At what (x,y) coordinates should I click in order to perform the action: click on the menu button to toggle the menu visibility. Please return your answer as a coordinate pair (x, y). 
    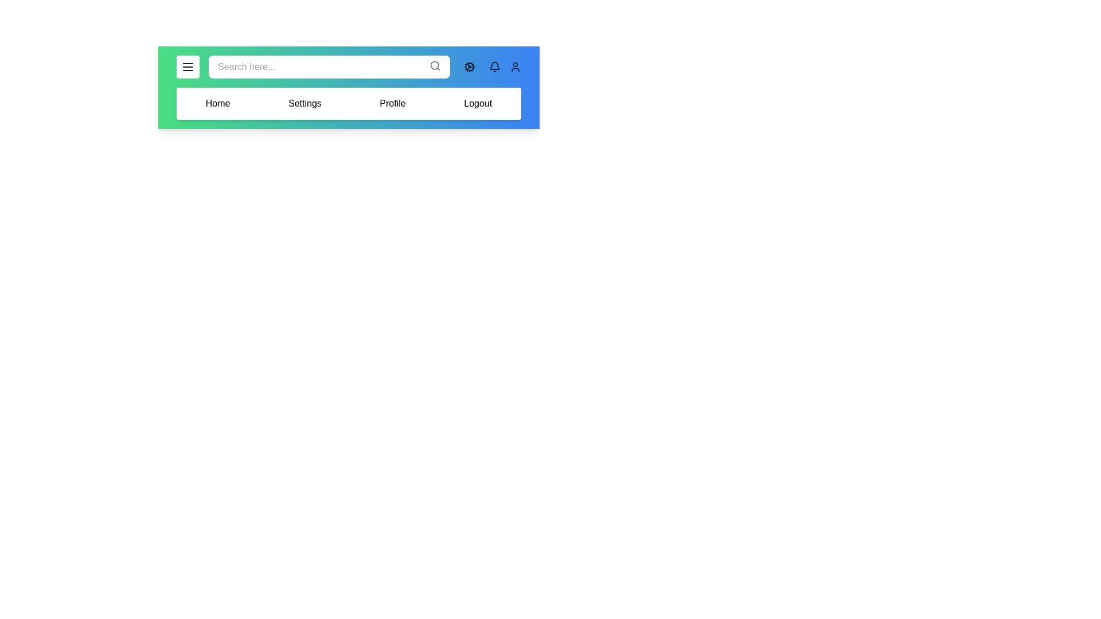
    Looking at the image, I should click on (188, 66).